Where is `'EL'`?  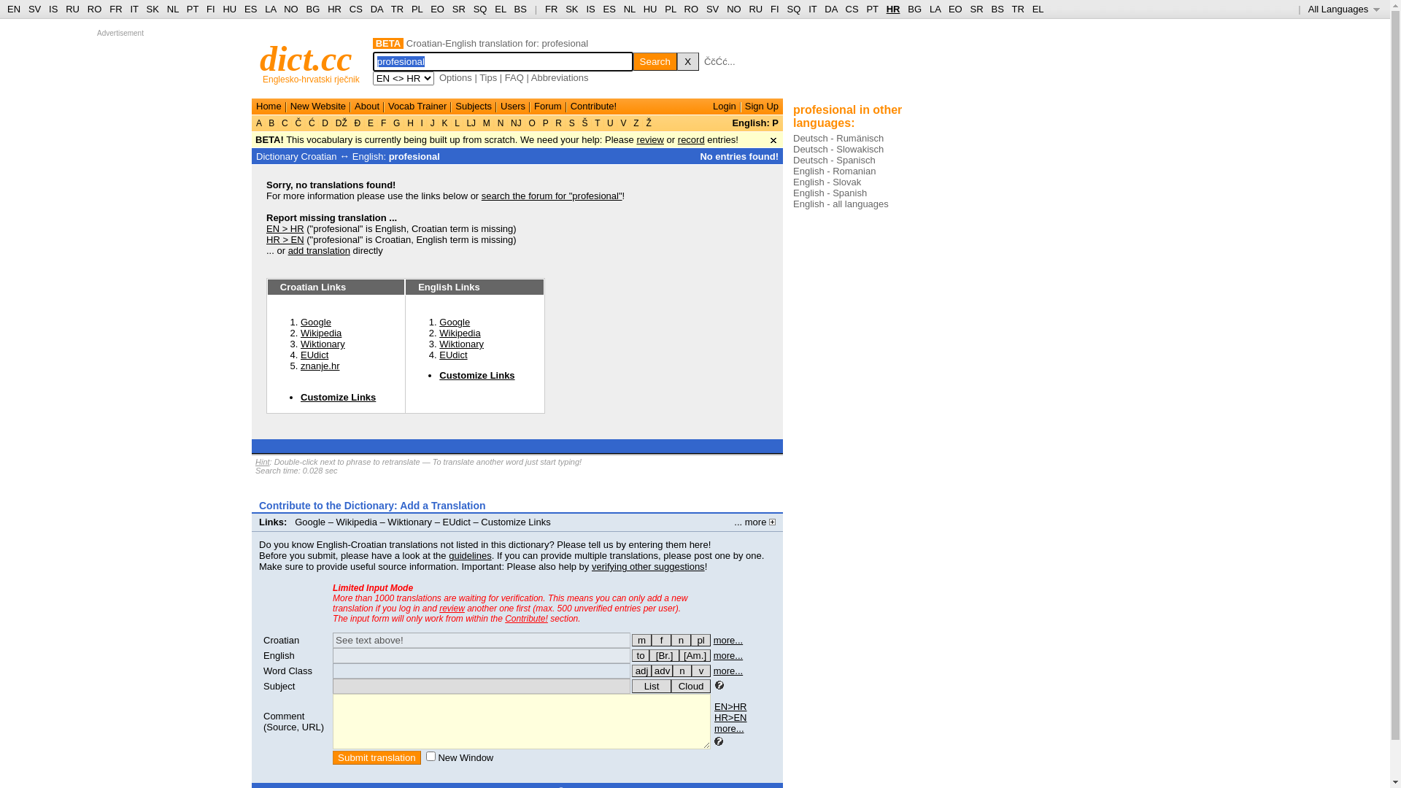
'EL' is located at coordinates (500, 9).